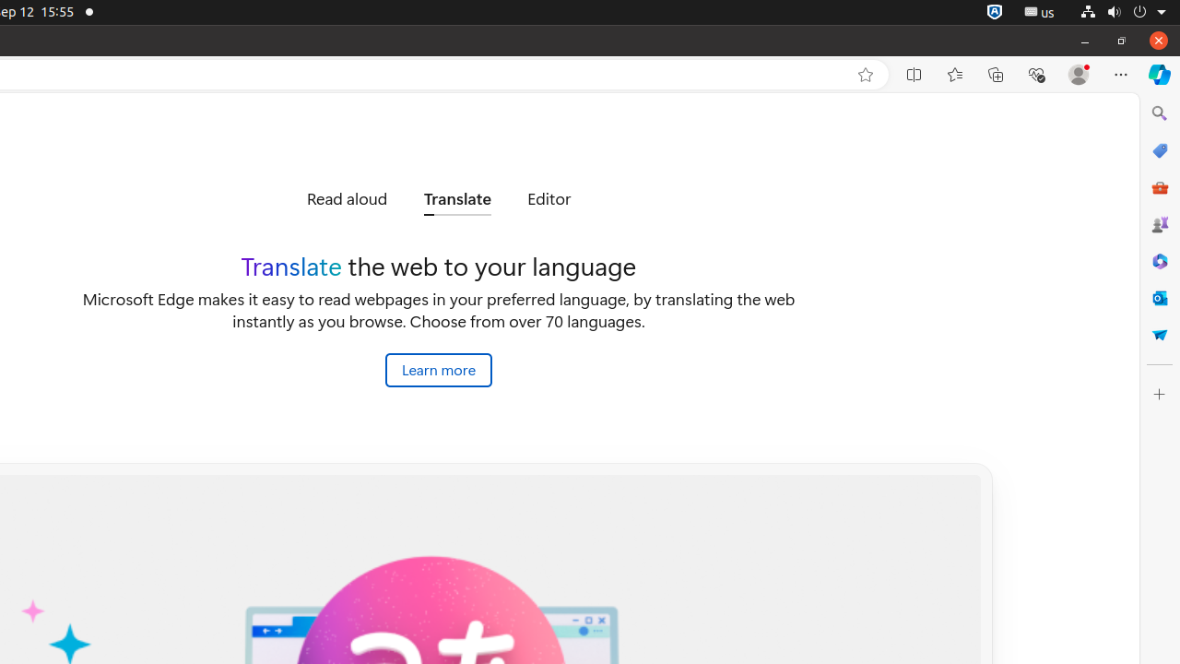  What do you see at coordinates (457, 199) in the screenshot?
I see `'Translate Translate'` at bounding box center [457, 199].